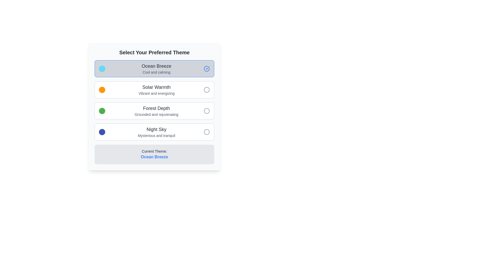 Image resolution: width=495 pixels, height=278 pixels. I want to click on the text label displaying 'Ocean Breeze' styled in blue and bold, located at the bottom of the section with a gray background, following the text 'Current Theme:', so click(154, 157).